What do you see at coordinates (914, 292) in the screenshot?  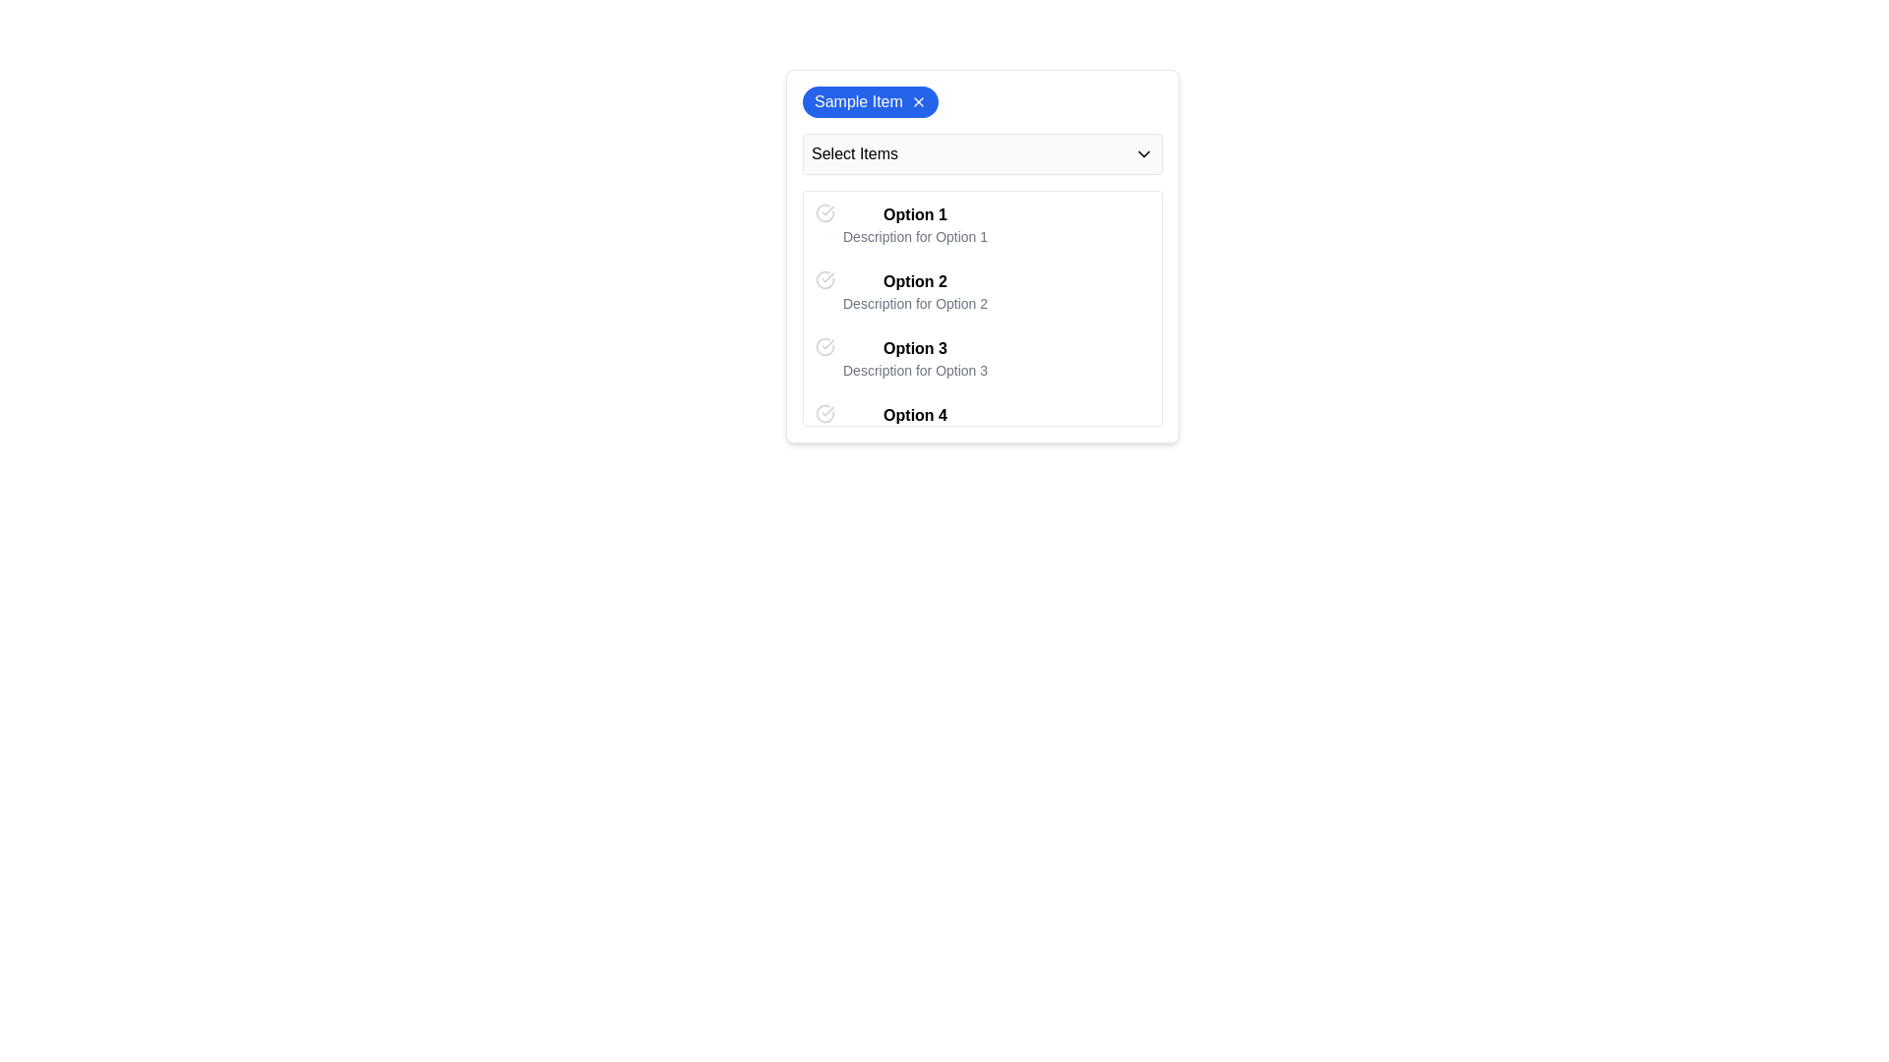 I see `the text block titled 'Option 2' which is the second item in a vertically stacked list of selectable items, located centrally between 'Option 1' and 'Option 3'` at bounding box center [914, 292].